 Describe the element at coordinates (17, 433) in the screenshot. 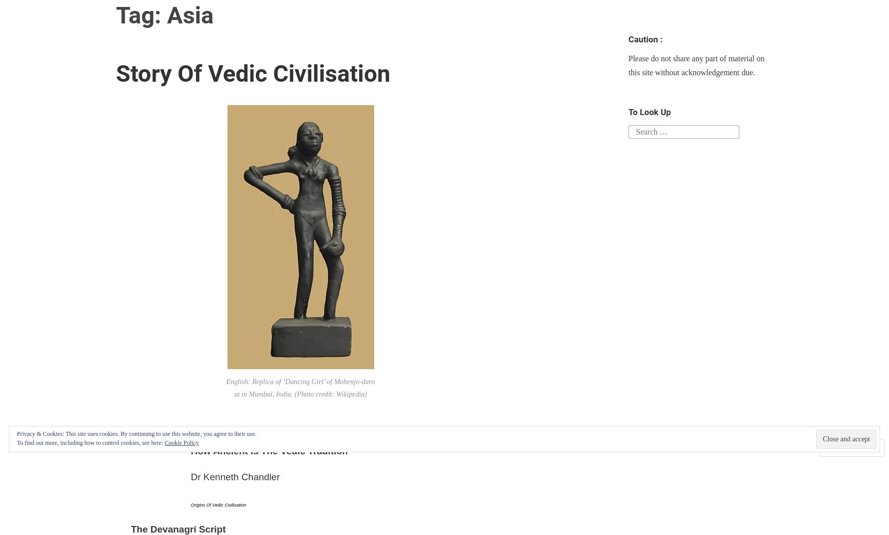

I see `'Privacy & Cookies: This site uses cookies. By continuing to use this website, you agree to their use.'` at that location.